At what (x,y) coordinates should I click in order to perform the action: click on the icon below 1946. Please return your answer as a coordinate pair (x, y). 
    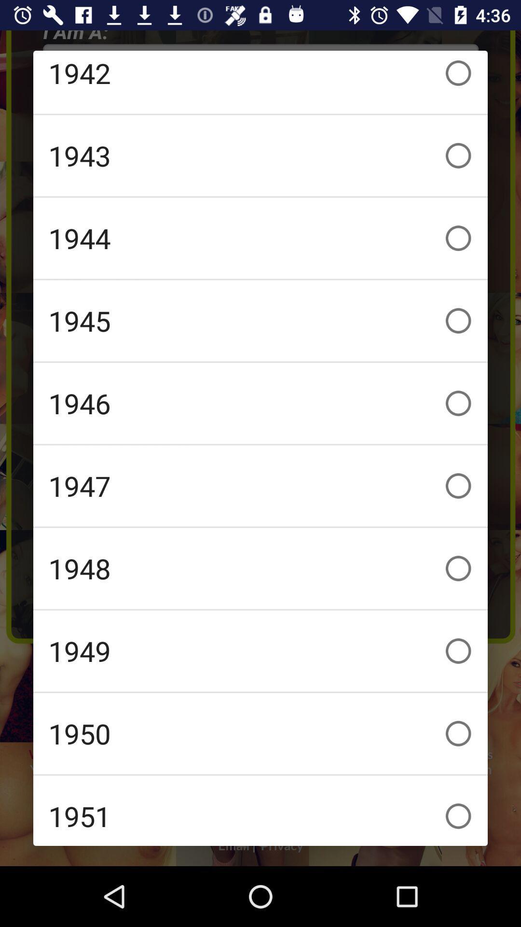
    Looking at the image, I should click on (260, 486).